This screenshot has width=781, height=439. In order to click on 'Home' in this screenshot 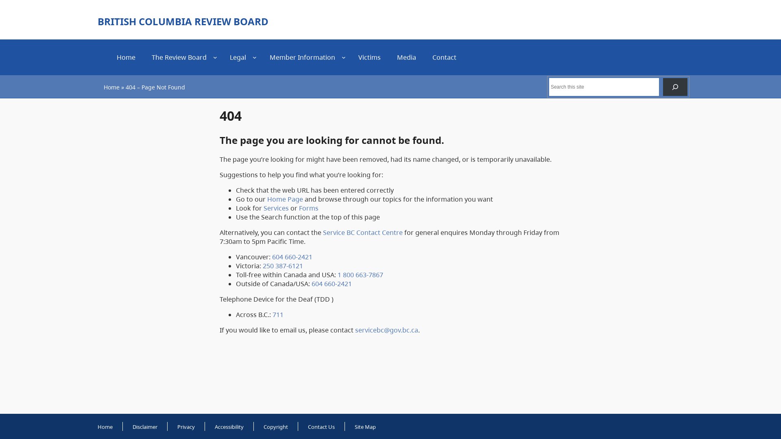, I will do `click(105, 426)`.